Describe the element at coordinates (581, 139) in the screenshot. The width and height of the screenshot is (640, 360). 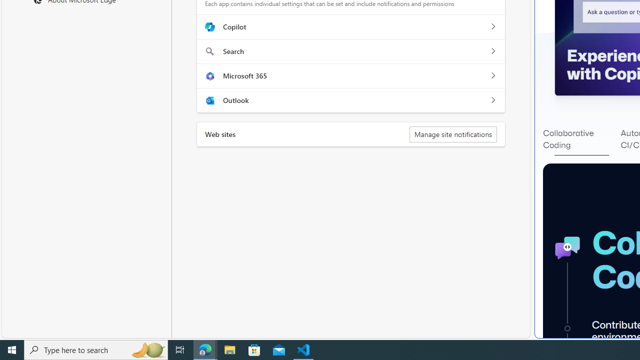
I see `'Collaborative Coding'` at that location.